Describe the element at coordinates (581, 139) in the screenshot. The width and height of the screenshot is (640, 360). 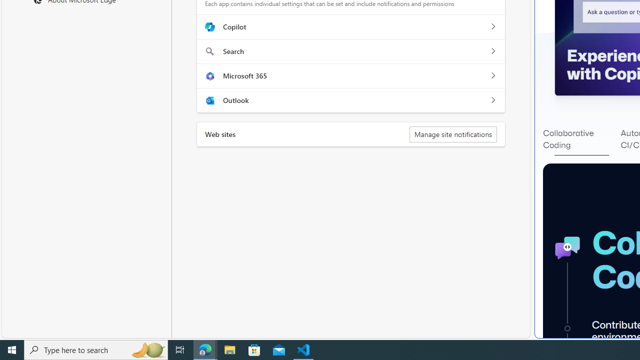
I see `'Collaborative Coding'` at that location.